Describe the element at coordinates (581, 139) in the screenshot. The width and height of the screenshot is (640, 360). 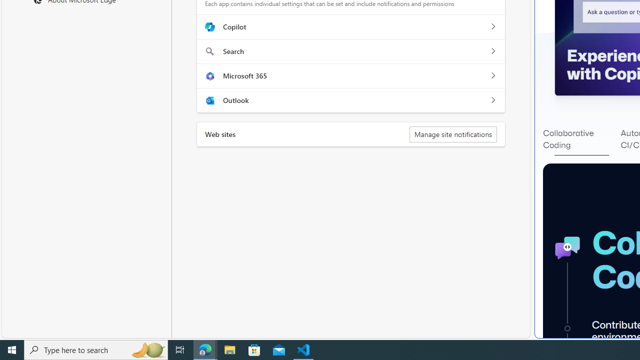
I see `'Collaborative Coding'` at that location.